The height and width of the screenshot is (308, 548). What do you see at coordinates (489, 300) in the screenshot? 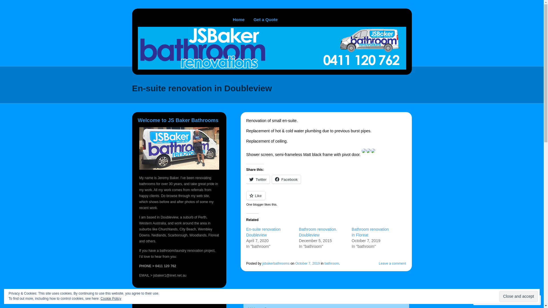
I see `'Comment'` at bounding box center [489, 300].